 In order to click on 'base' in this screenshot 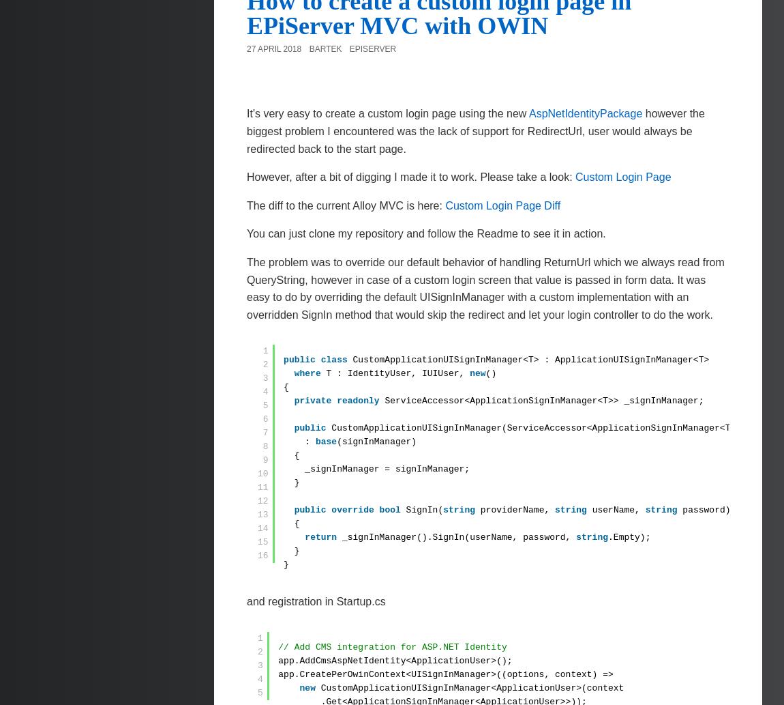, I will do `click(314, 441)`.